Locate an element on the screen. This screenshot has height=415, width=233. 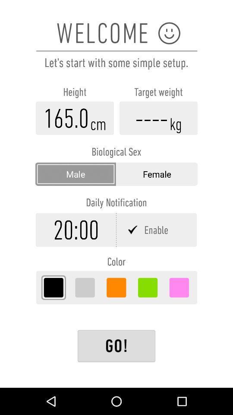
choose color scheme is located at coordinates (85, 287).